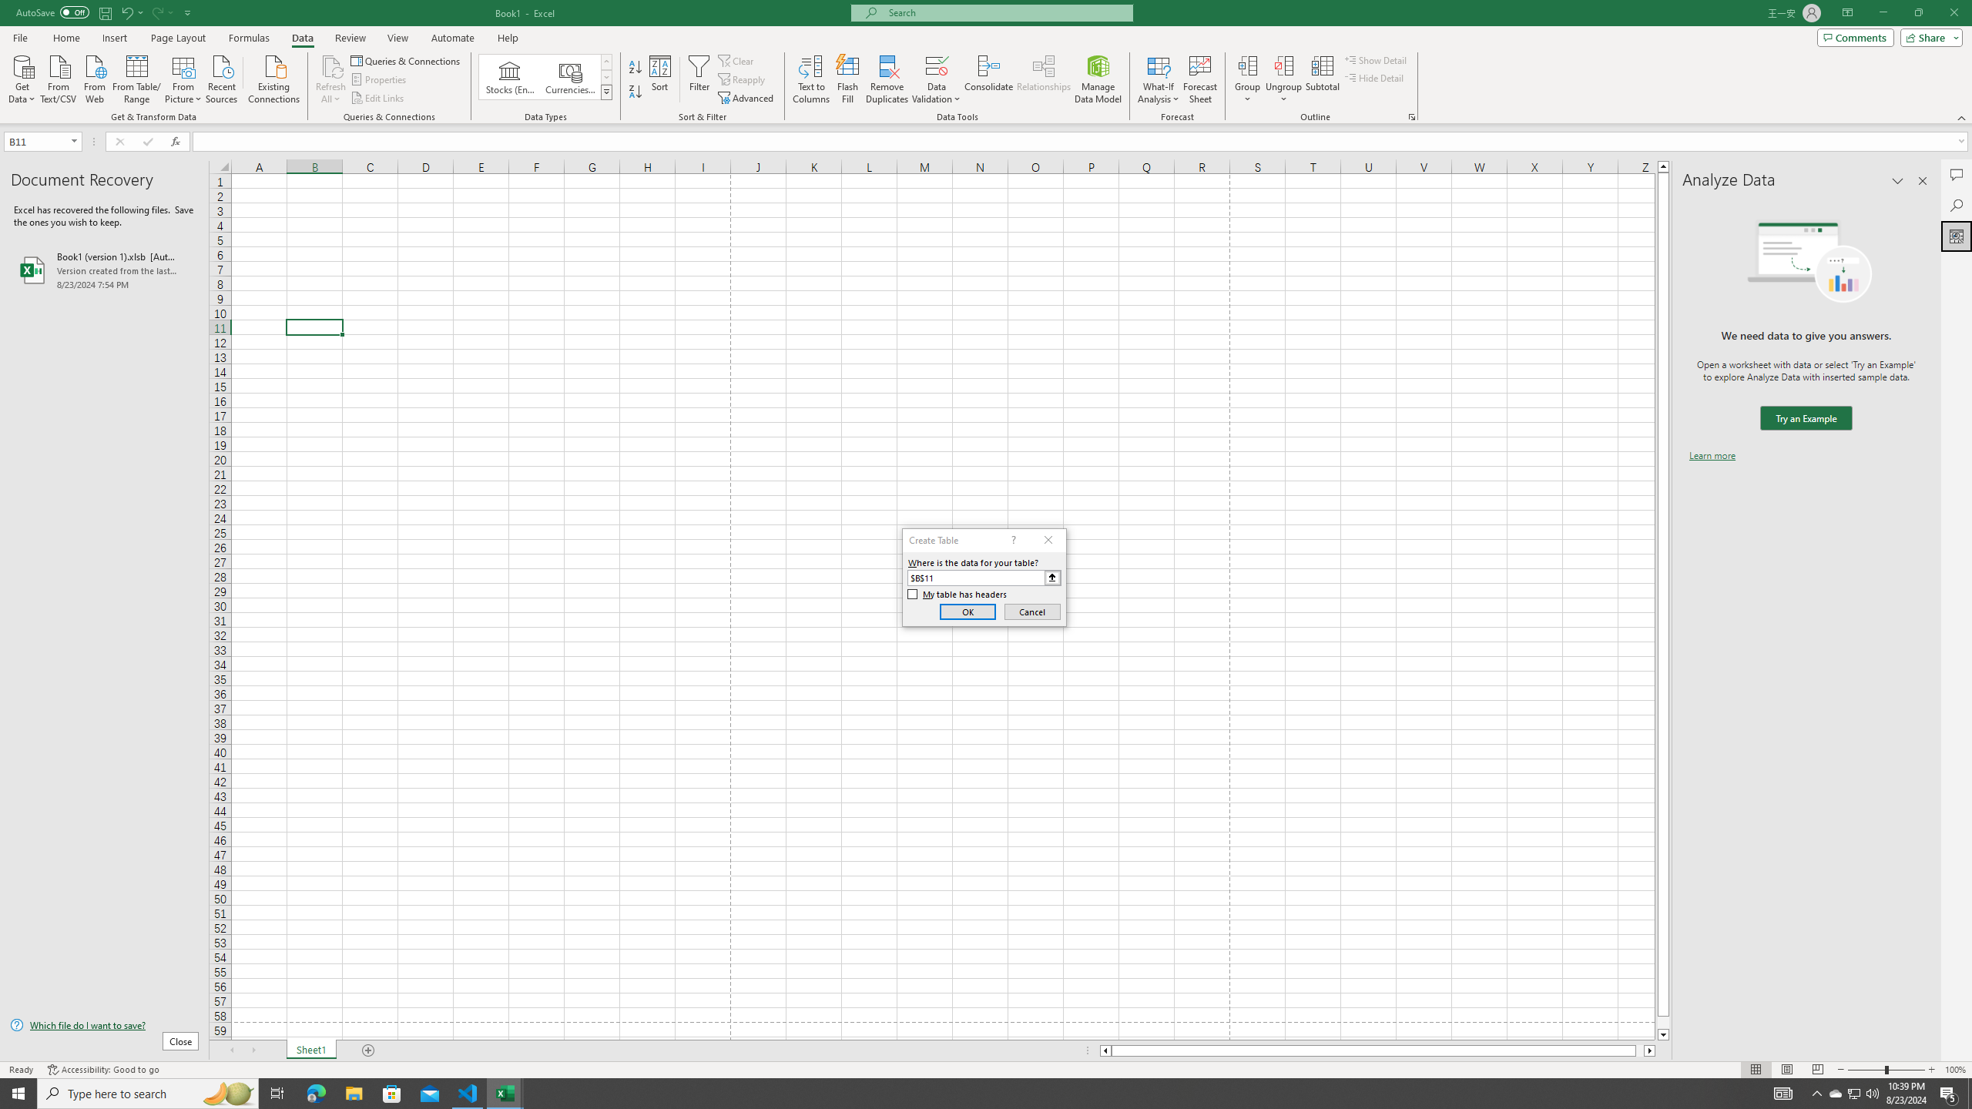 The image size is (1972, 1109). What do you see at coordinates (1639, 1050) in the screenshot?
I see `'Page right'` at bounding box center [1639, 1050].